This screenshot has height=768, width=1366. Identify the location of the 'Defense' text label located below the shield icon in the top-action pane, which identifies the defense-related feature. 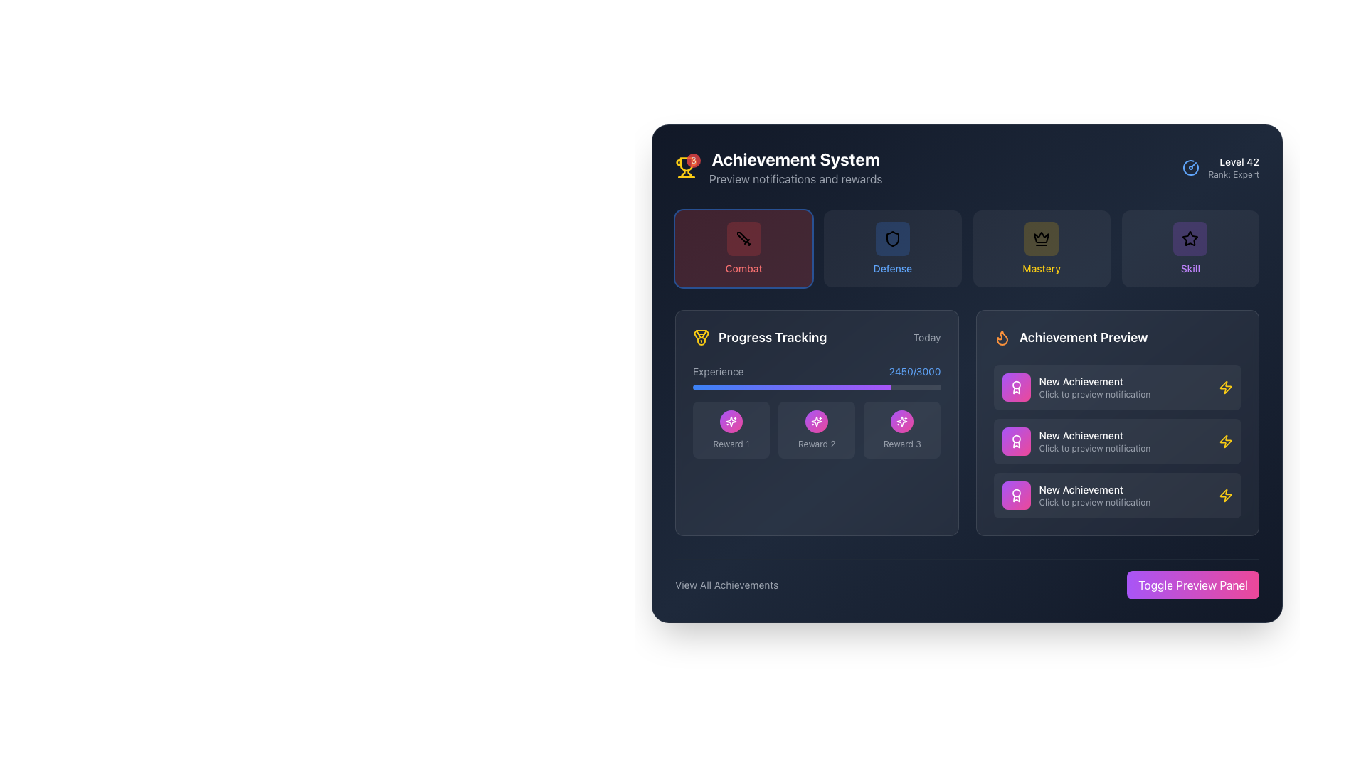
(891, 269).